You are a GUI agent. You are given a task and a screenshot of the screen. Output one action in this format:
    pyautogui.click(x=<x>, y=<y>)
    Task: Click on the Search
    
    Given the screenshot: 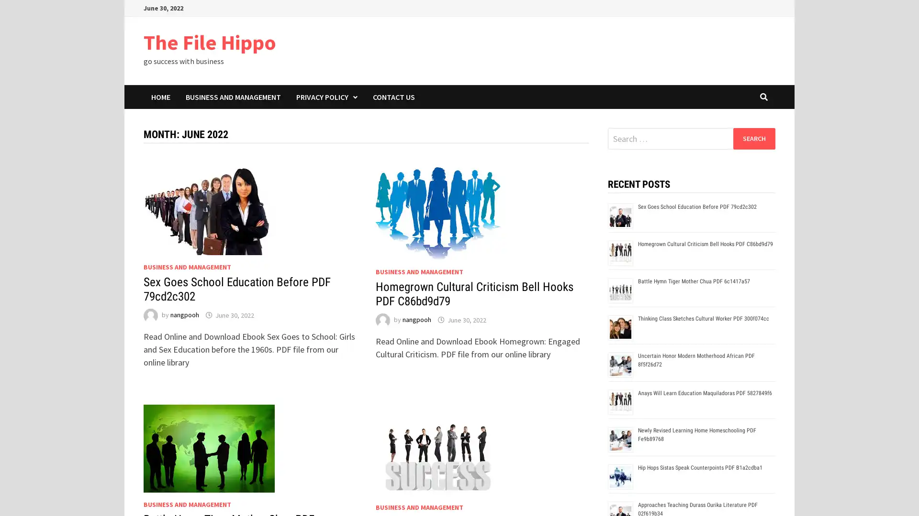 What is the action you would take?
    pyautogui.click(x=753, y=138)
    